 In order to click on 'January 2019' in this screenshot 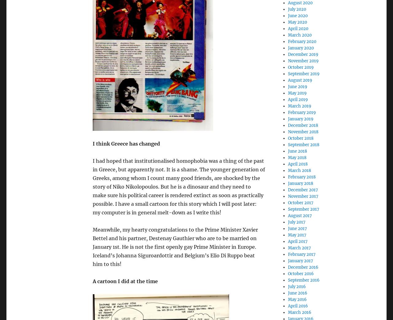, I will do `click(300, 119)`.